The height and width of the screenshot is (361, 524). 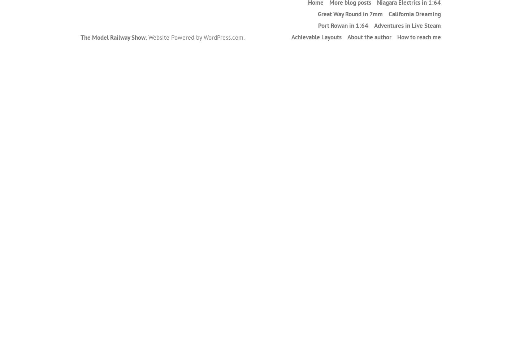 I want to click on 'Achievable Layouts', so click(x=291, y=36).